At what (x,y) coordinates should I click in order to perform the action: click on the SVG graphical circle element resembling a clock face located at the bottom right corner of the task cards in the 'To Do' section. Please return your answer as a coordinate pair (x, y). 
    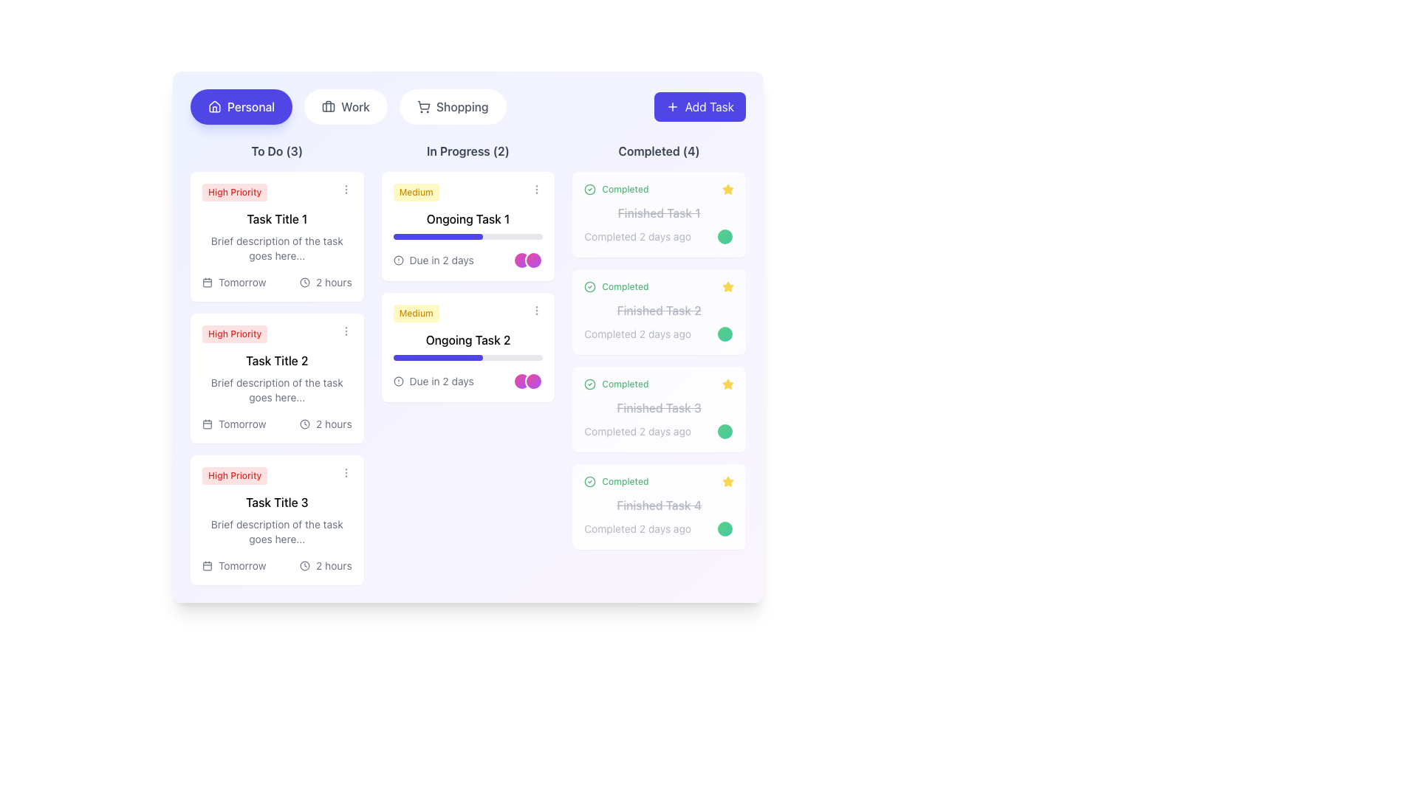
    Looking at the image, I should click on (304, 565).